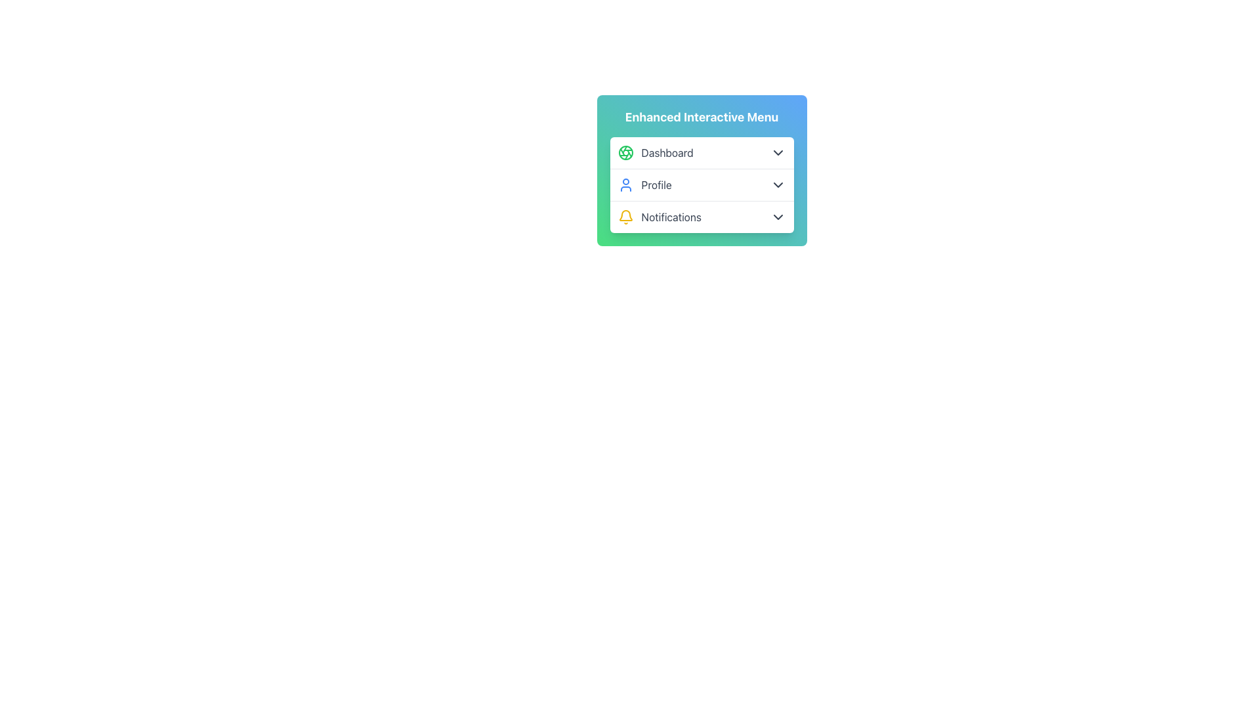 Image resolution: width=1260 pixels, height=709 pixels. Describe the element at coordinates (671, 217) in the screenshot. I see `text label for the Notifications section, which is the third entry in the 'Enhanced Interactive Menu' list, located below the 'Profile' entry` at that location.